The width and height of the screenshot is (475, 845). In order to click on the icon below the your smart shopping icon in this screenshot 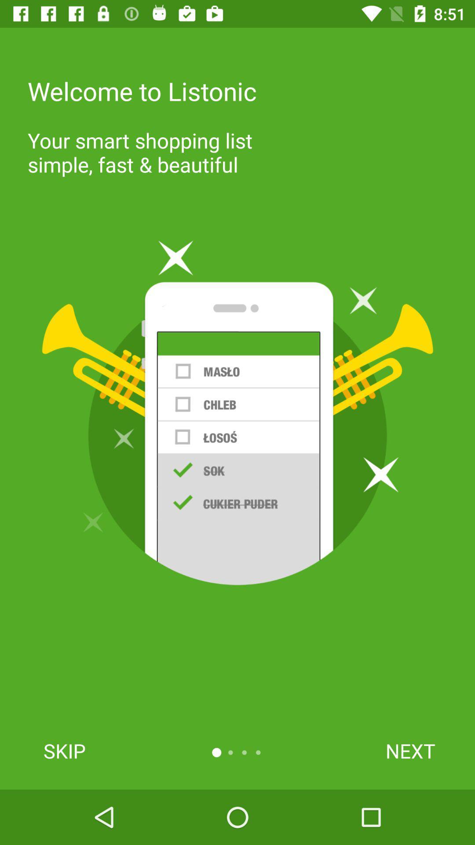, I will do `click(237, 412)`.